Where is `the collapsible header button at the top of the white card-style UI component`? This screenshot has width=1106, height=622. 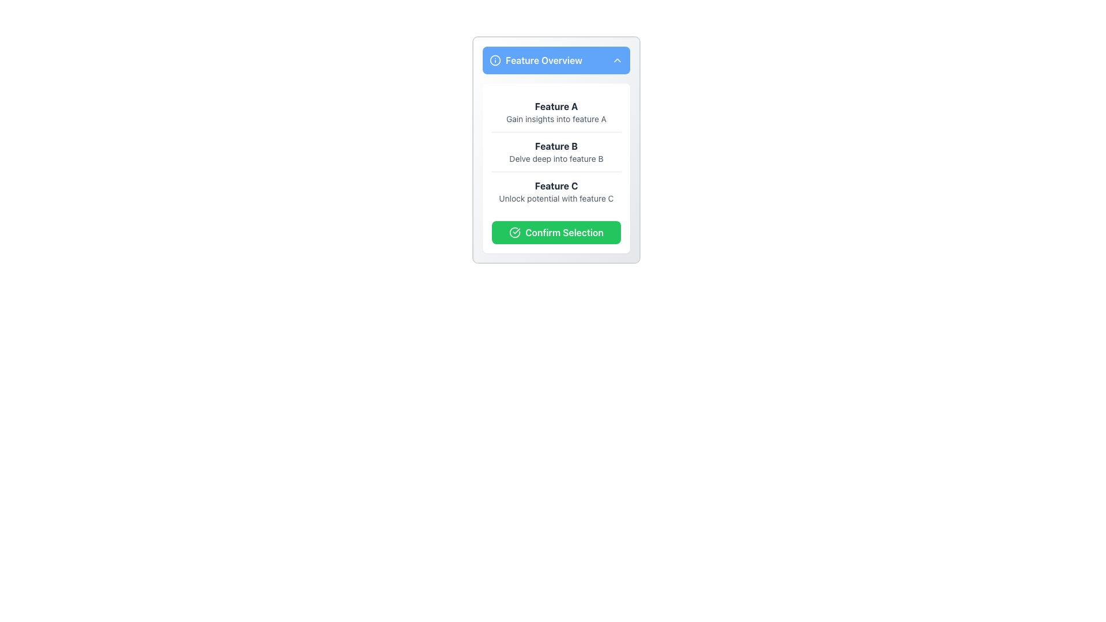
the collapsible header button at the top of the white card-style UI component is located at coordinates (556, 60).